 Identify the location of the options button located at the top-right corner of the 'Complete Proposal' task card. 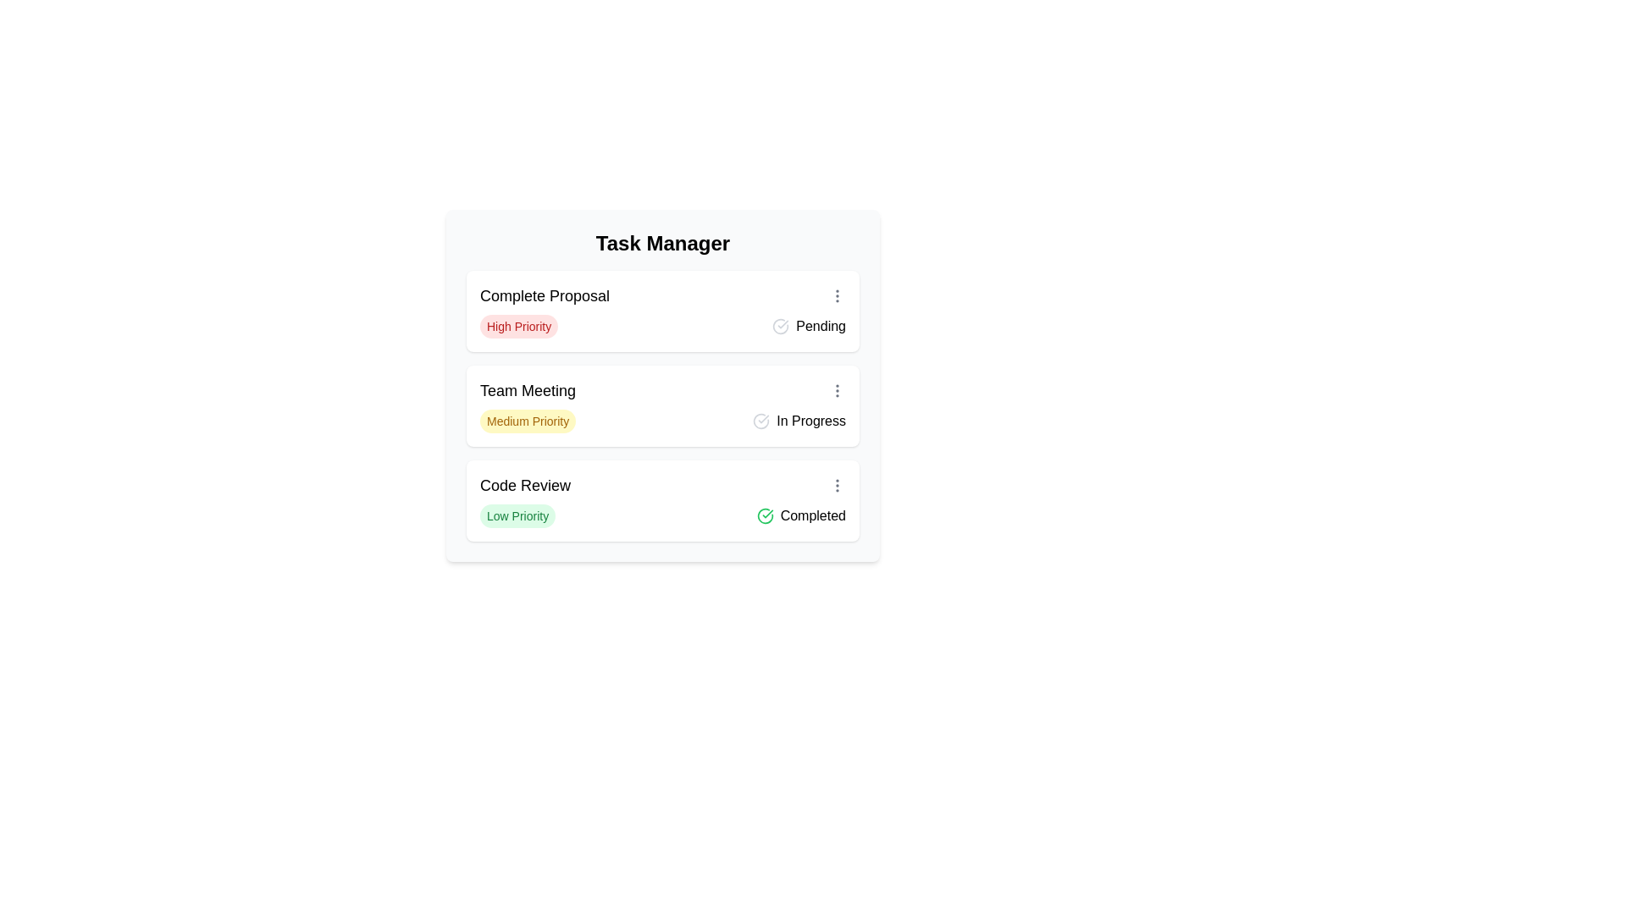
(837, 295).